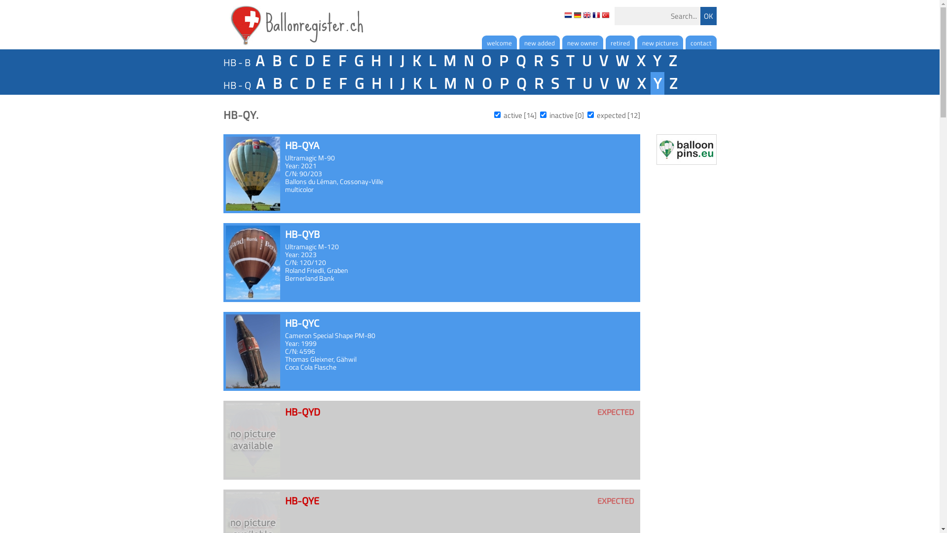 This screenshot has width=947, height=533. I want to click on 'U', so click(579, 83).